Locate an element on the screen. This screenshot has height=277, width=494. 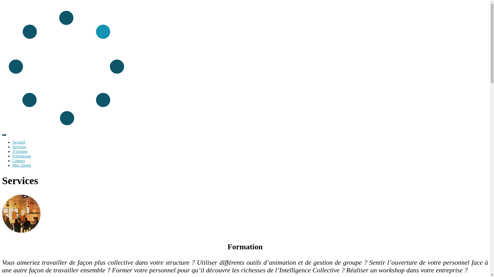
'Contact' is located at coordinates (19, 160).